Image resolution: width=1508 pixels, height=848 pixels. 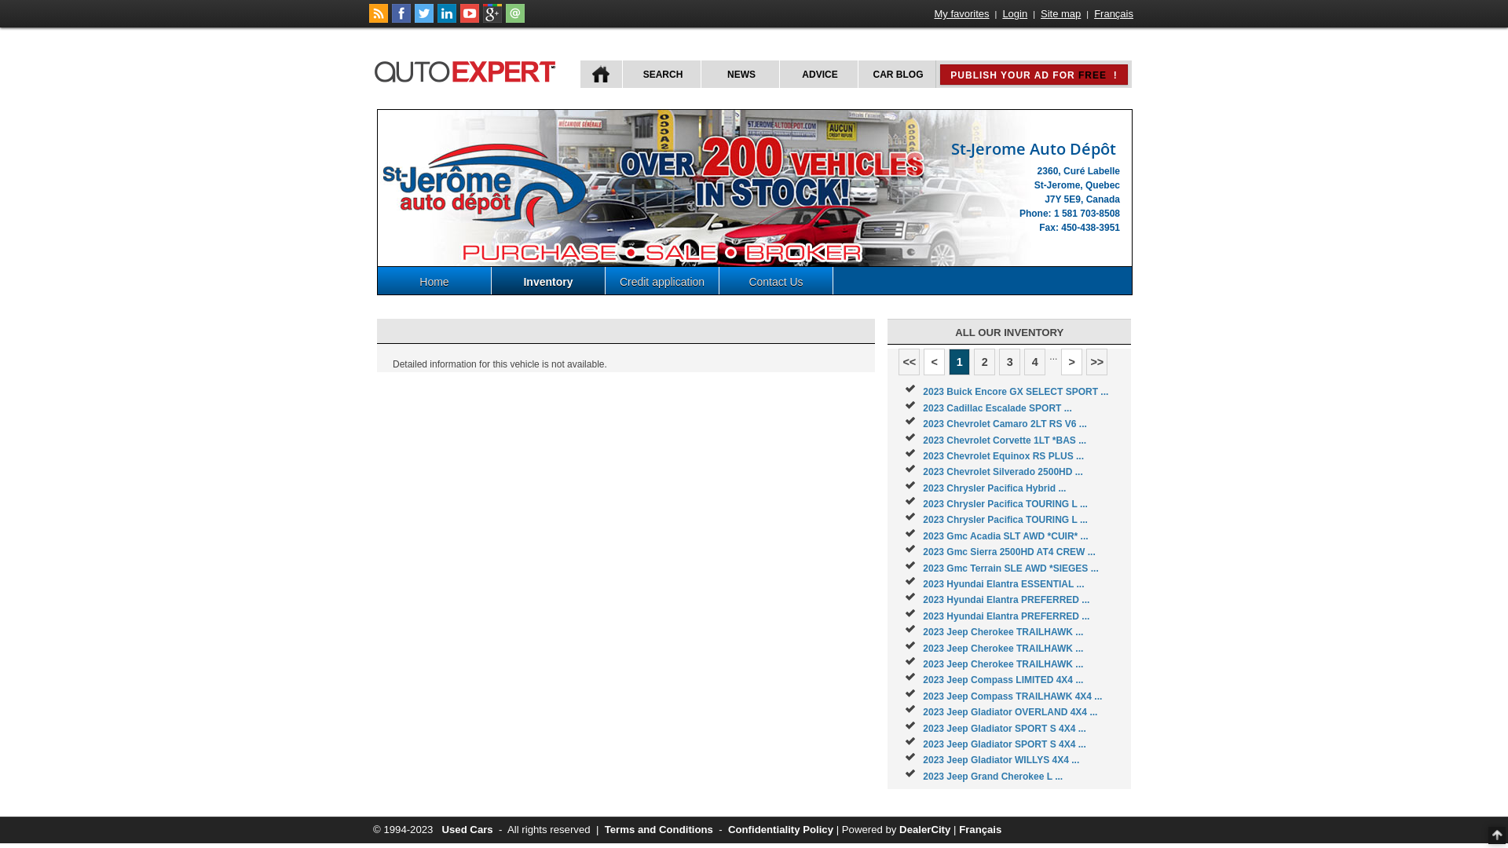 I want to click on '2023 Jeep Gladiator SPORT S 4X4 ...', so click(x=1003, y=744).